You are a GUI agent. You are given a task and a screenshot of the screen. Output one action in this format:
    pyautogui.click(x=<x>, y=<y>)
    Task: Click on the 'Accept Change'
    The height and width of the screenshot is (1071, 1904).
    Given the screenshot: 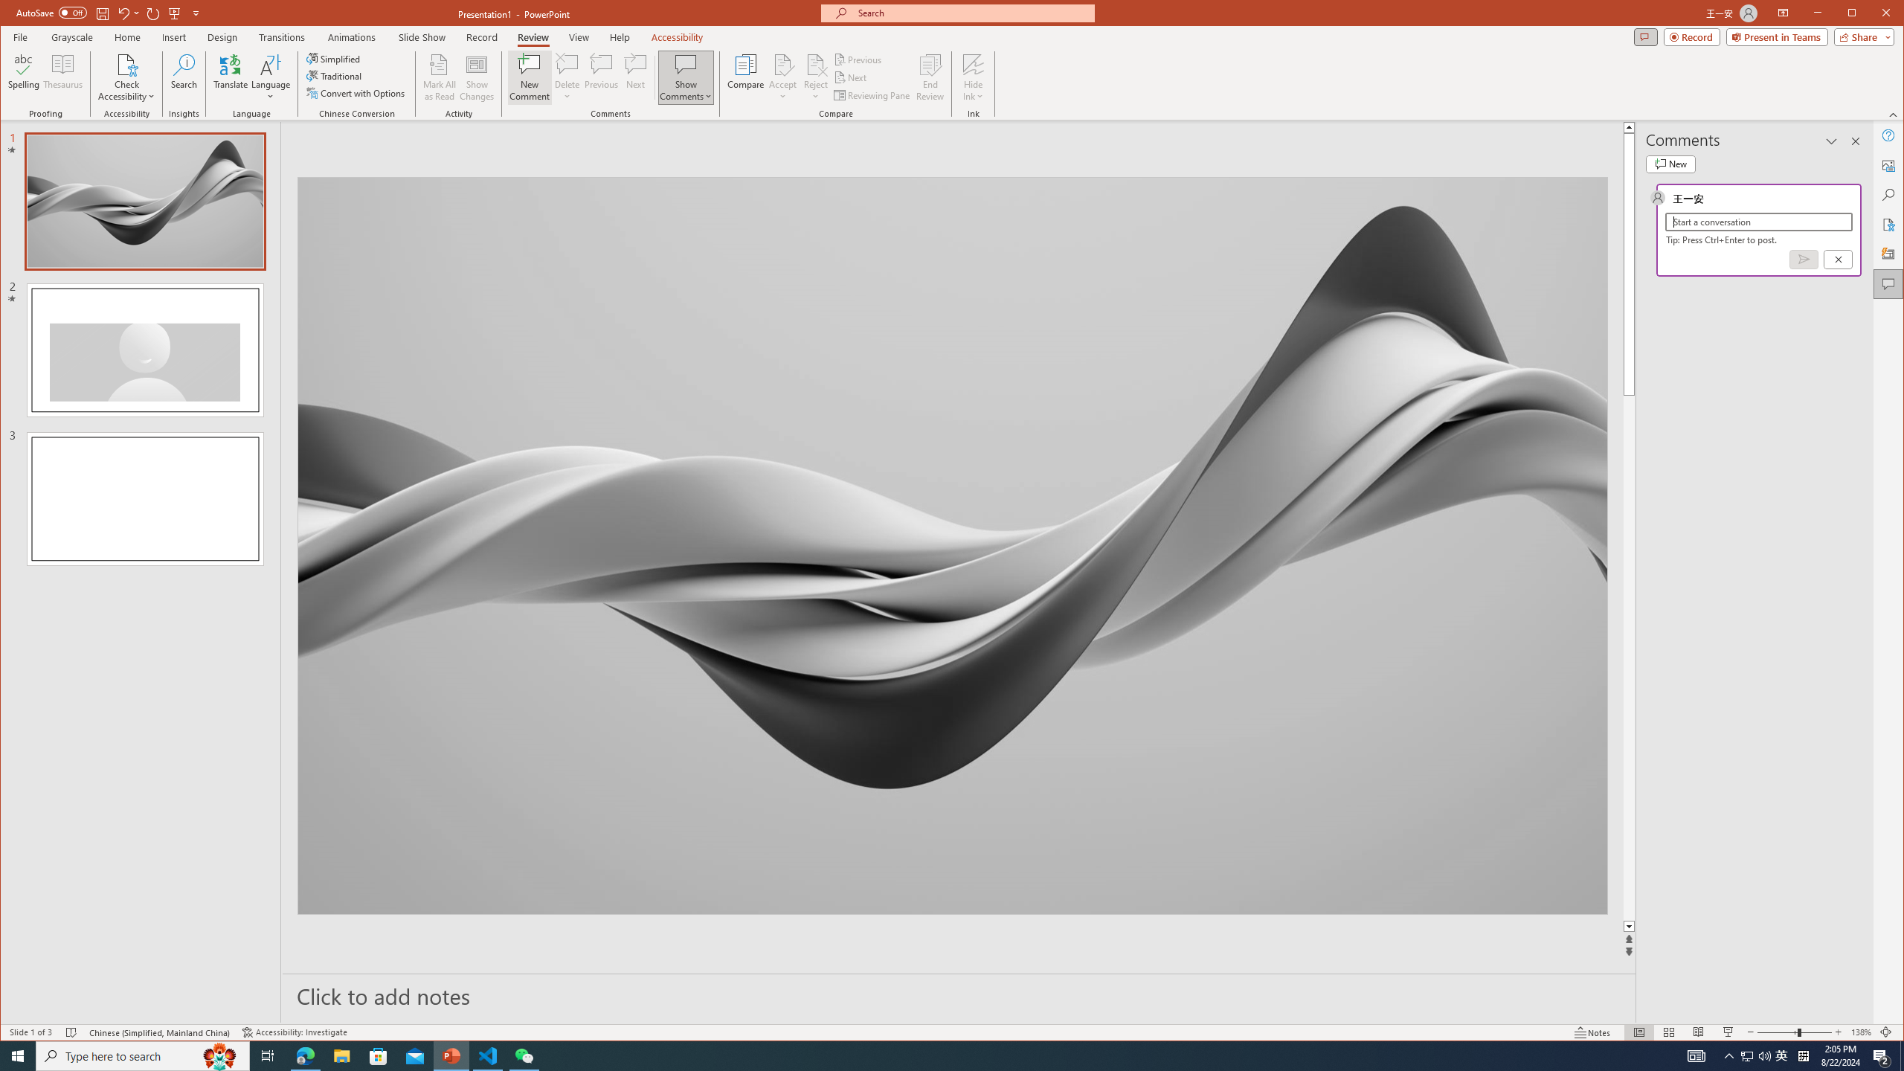 What is the action you would take?
    pyautogui.click(x=782, y=63)
    